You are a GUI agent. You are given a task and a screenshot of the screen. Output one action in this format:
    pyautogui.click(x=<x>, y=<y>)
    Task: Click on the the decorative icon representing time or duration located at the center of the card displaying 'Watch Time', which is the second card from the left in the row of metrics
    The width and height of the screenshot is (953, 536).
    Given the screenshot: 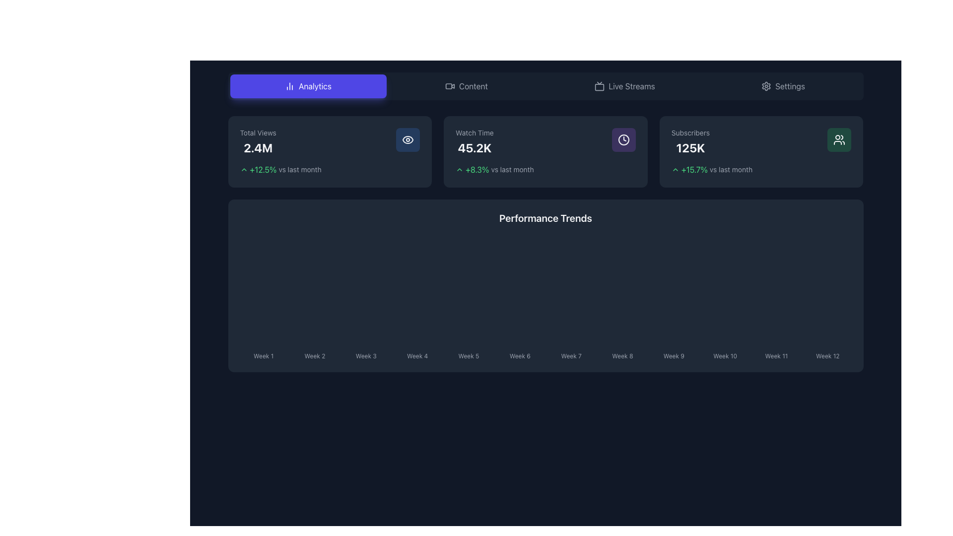 What is the action you would take?
    pyautogui.click(x=623, y=139)
    